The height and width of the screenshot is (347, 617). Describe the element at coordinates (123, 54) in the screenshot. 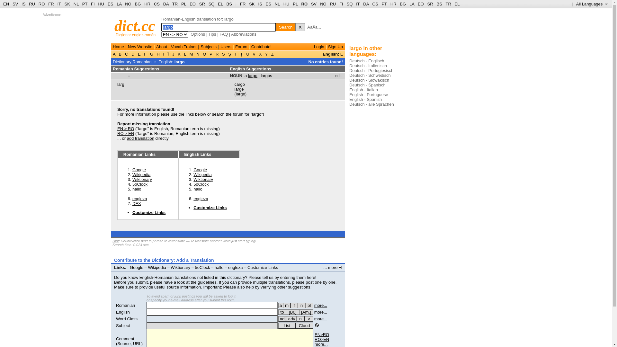

I see `'C'` at that location.